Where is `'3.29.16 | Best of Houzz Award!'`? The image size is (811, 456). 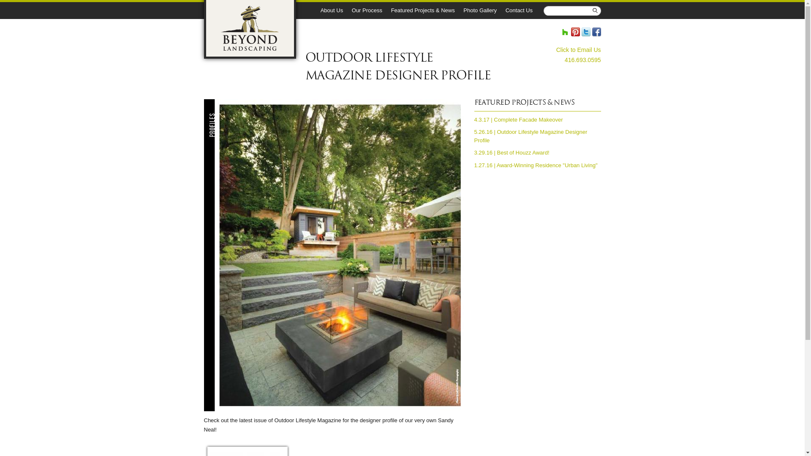
'3.29.16 | Best of Houzz Award!' is located at coordinates (511, 152).